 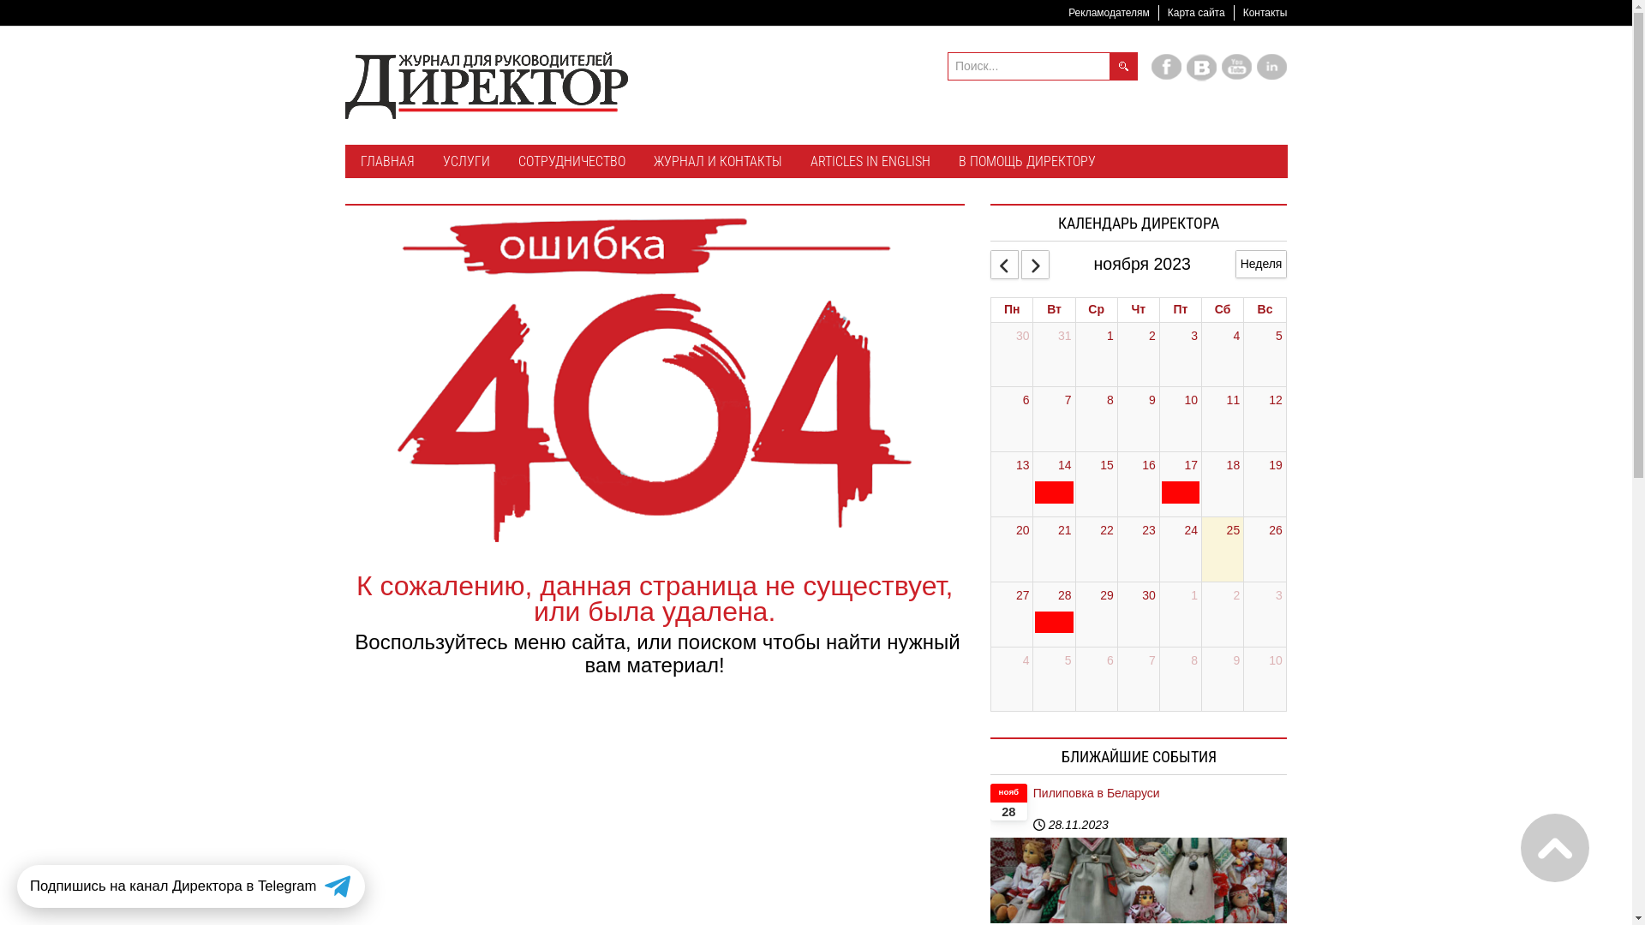 What do you see at coordinates (1103, 400) in the screenshot?
I see `'8'` at bounding box center [1103, 400].